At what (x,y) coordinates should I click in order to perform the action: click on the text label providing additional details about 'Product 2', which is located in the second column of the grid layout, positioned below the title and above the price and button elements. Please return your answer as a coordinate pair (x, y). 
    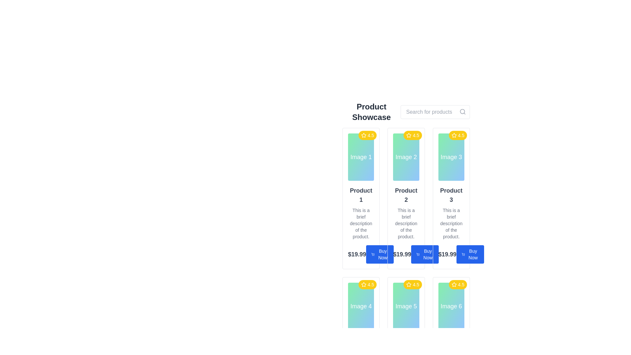
    Looking at the image, I should click on (406, 223).